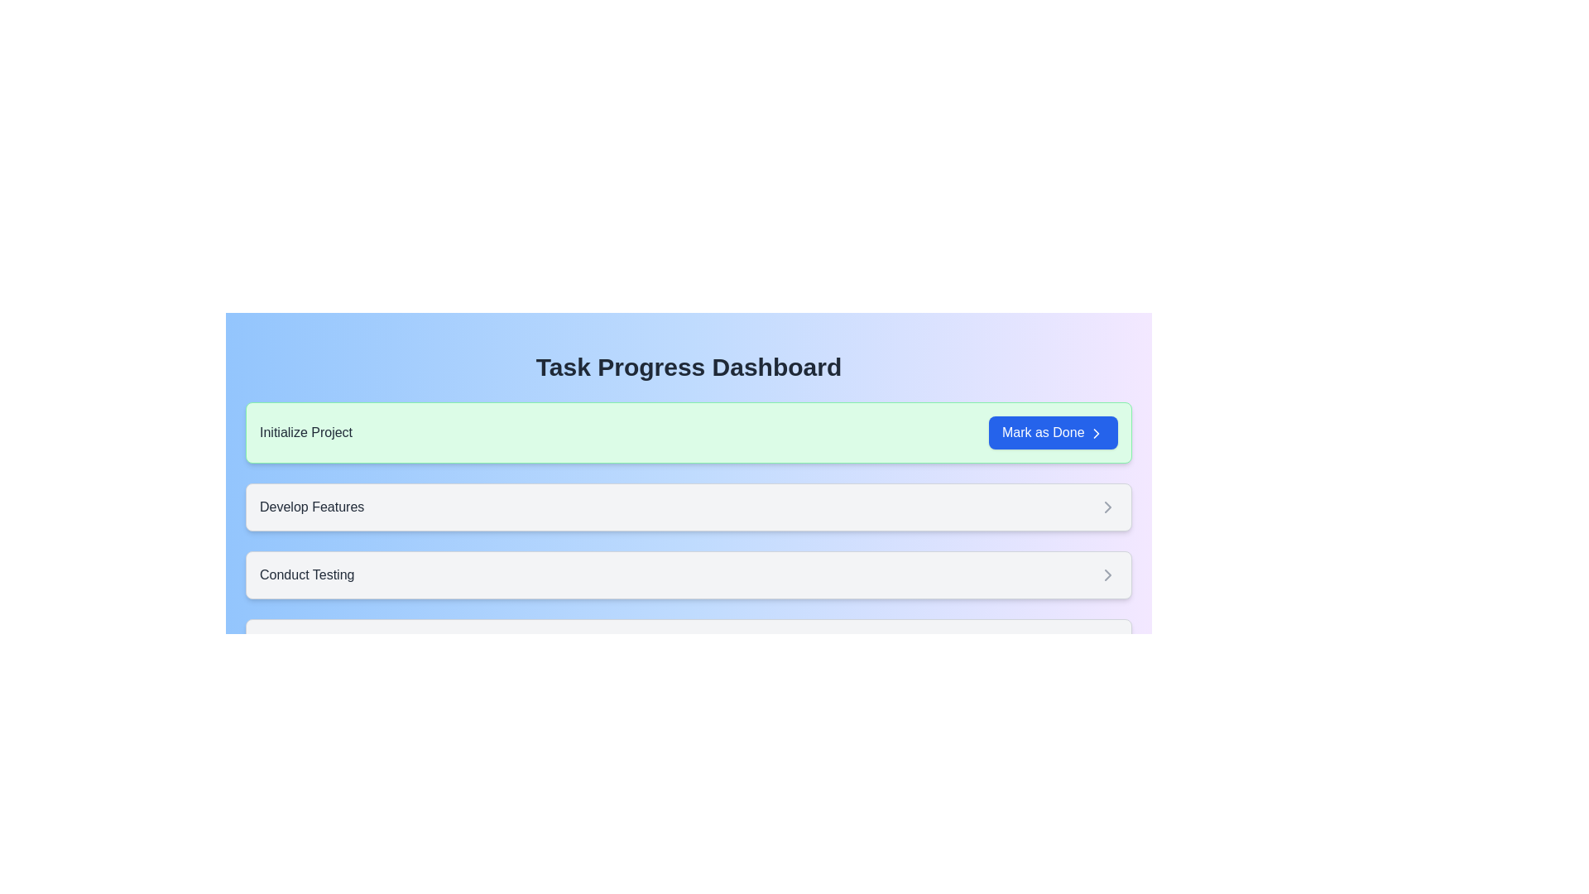  What do you see at coordinates (1096, 432) in the screenshot?
I see `the Chevron icon located on the right side of the first task row labeled 'Initialize Project' in the task progress dashboard` at bounding box center [1096, 432].